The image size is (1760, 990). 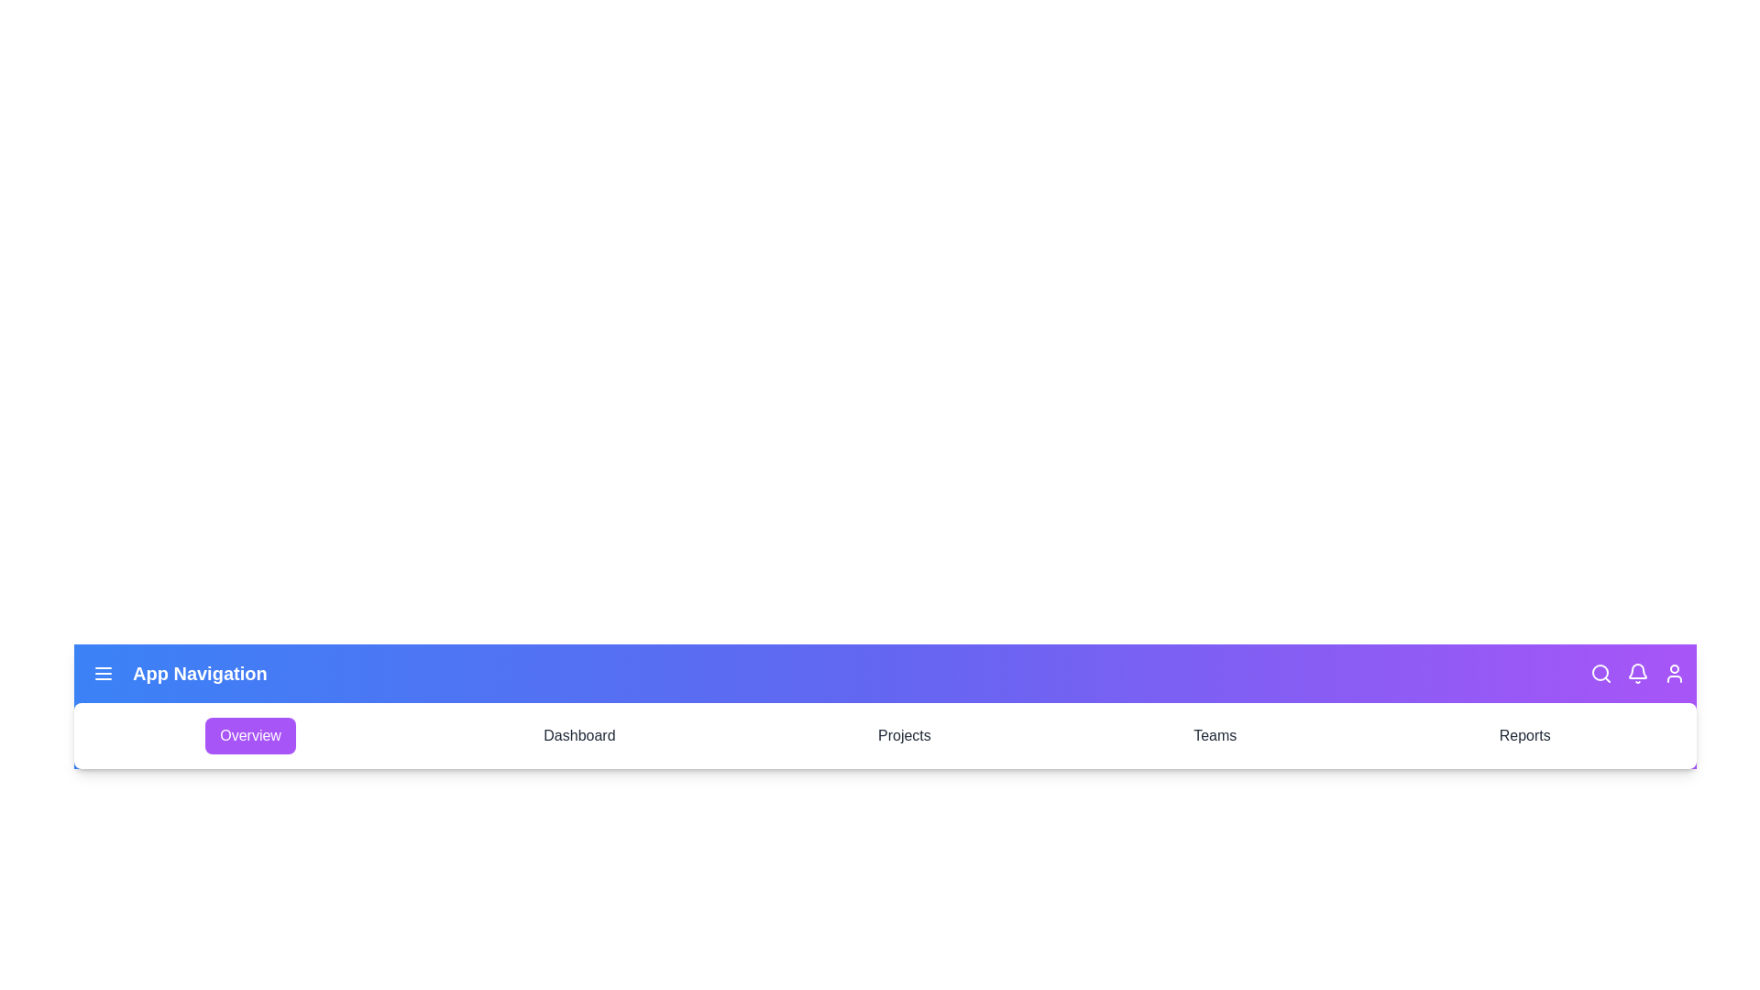 What do you see at coordinates (1600, 674) in the screenshot?
I see `the search icon in the navigation bar` at bounding box center [1600, 674].